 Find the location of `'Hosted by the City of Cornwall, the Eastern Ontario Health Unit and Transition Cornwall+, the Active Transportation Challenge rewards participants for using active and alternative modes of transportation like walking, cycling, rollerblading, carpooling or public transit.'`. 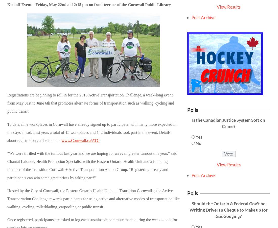

'Hosted by the City of Cornwall, the Eastern Ontario Health Unit and Transition Cornwall+, the Active Transportation Challenge rewards participants for using active and alternative modes of transportation like walking, cycling, rollerblading, carpooling or public transit.' is located at coordinates (93, 198).